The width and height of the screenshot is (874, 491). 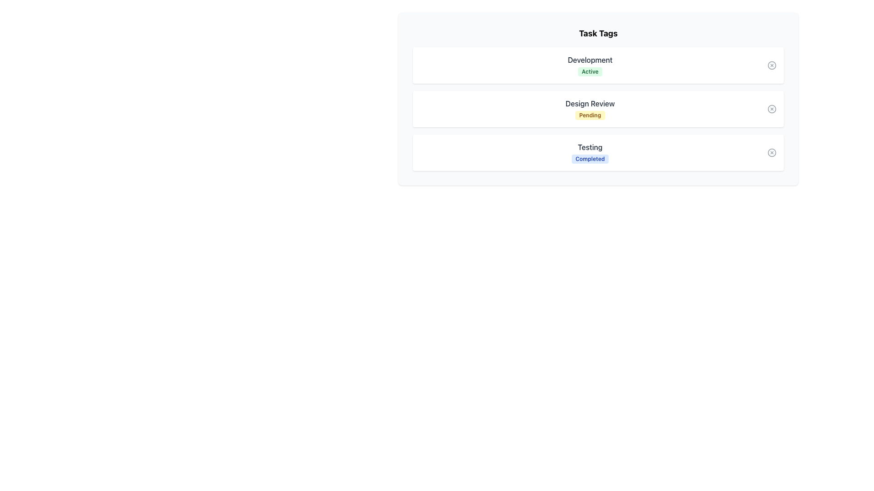 What do you see at coordinates (590, 152) in the screenshot?
I see `the status tag labeled 'Completed' which is highlighted with a blue background, located in the third row under the 'Task Tags' section` at bounding box center [590, 152].